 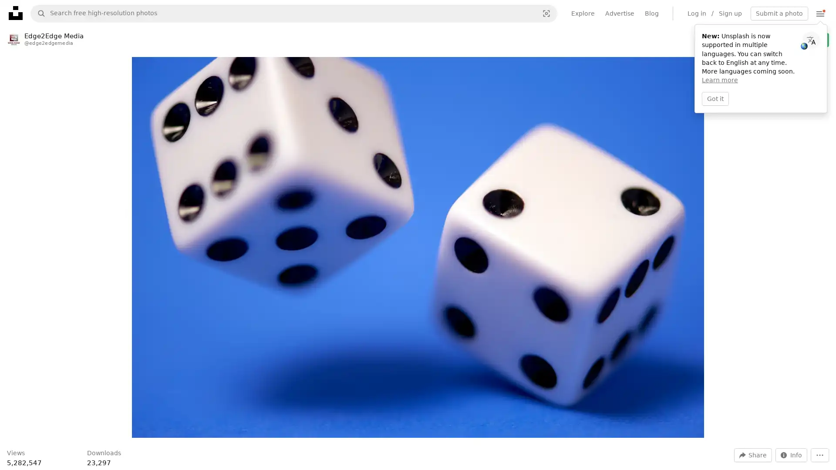 What do you see at coordinates (745, 40) in the screenshot?
I see `Add to collection` at bounding box center [745, 40].